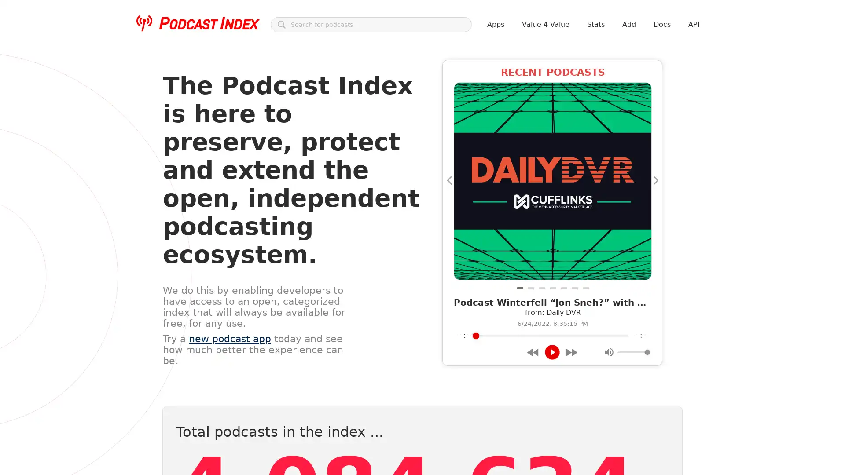 Image resolution: width=845 pixels, height=475 pixels. What do you see at coordinates (541, 288) in the screenshot?
I see `Diagnoses Part Two` at bounding box center [541, 288].